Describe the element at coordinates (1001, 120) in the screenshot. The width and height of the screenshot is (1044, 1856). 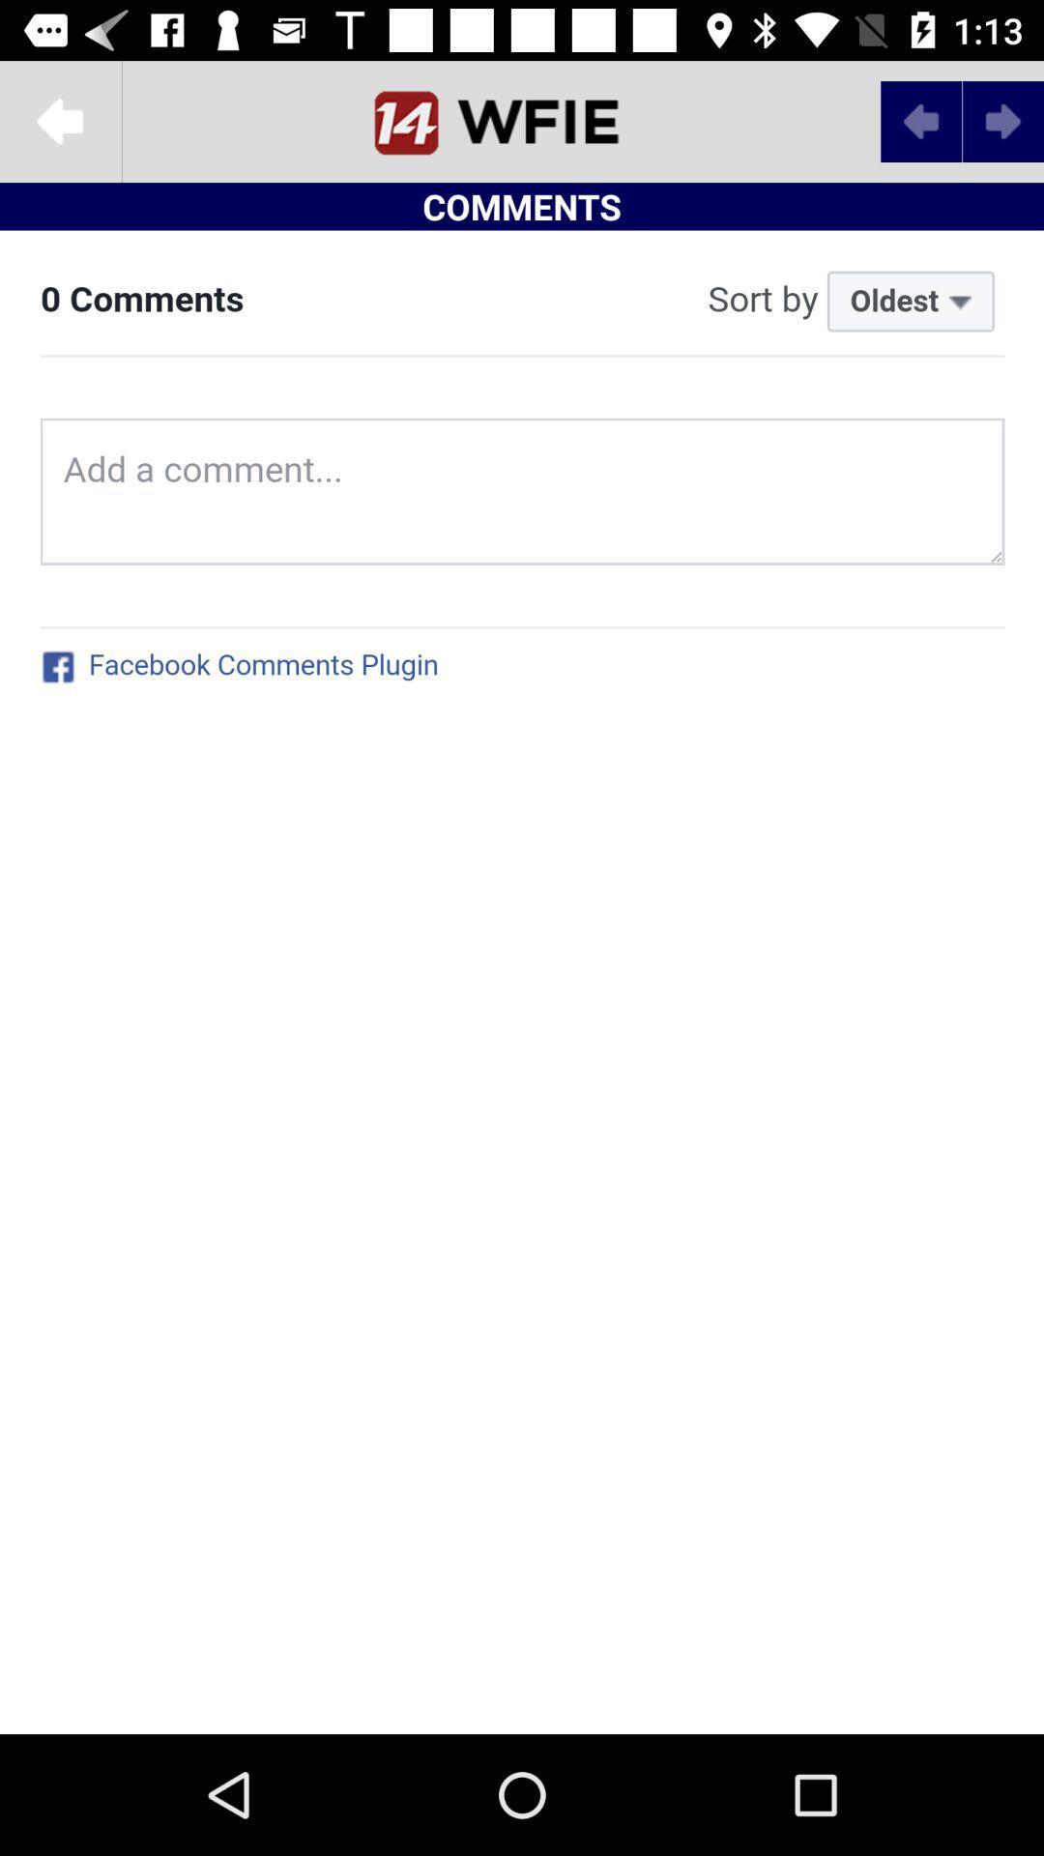
I see `go forward` at that location.